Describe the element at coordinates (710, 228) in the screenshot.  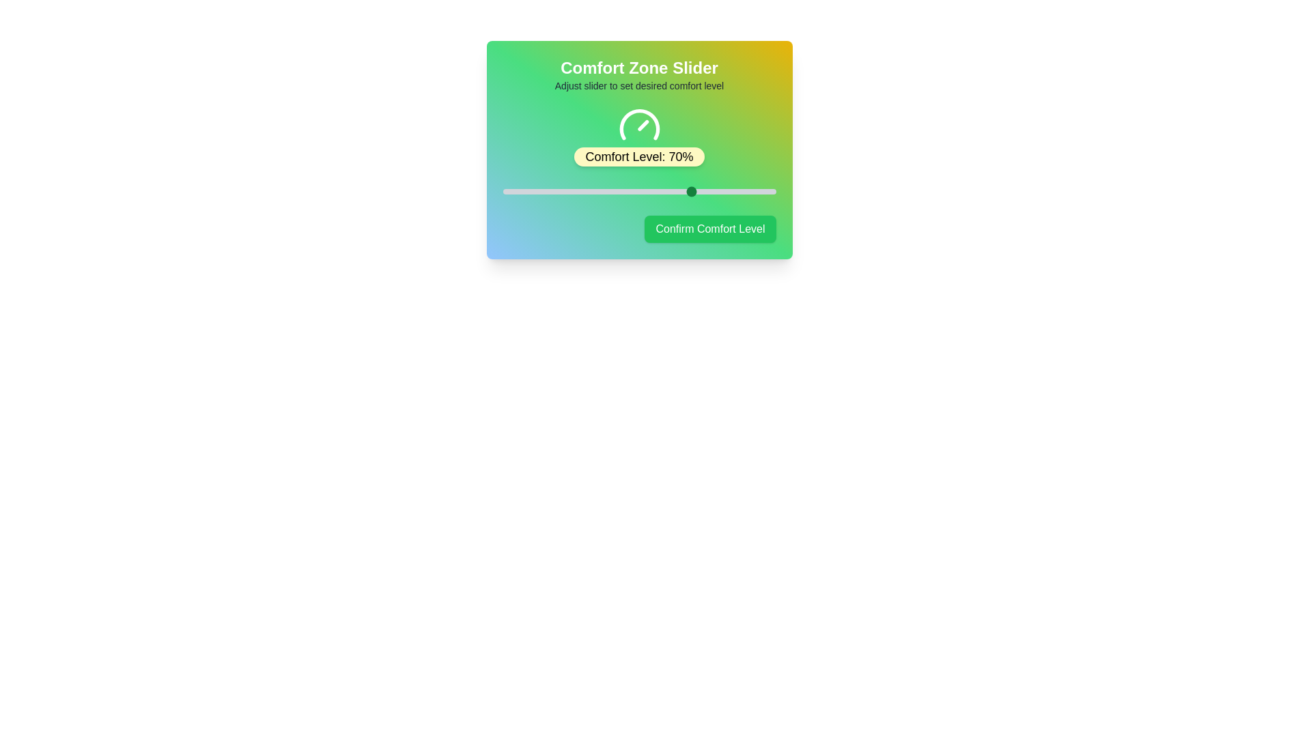
I see `'Confirm Comfort Level' button` at that location.